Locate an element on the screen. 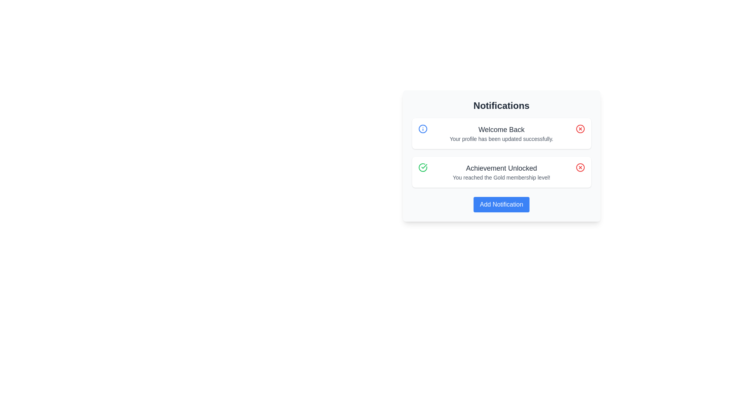 The width and height of the screenshot is (741, 417). the static text display that shows 'Welcome Back' and 'Your profile has been updated successfully.' is located at coordinates (501, 133).